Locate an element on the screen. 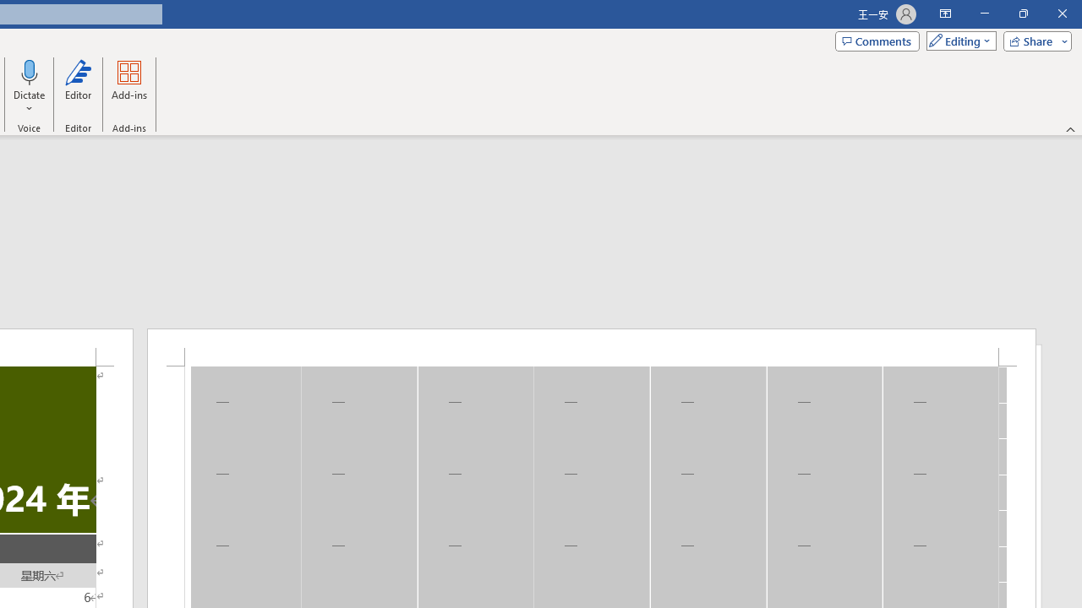 The width and height of the screenshot is (1082, 608). 'Restore Down' is located at coordinates (1022, 14).